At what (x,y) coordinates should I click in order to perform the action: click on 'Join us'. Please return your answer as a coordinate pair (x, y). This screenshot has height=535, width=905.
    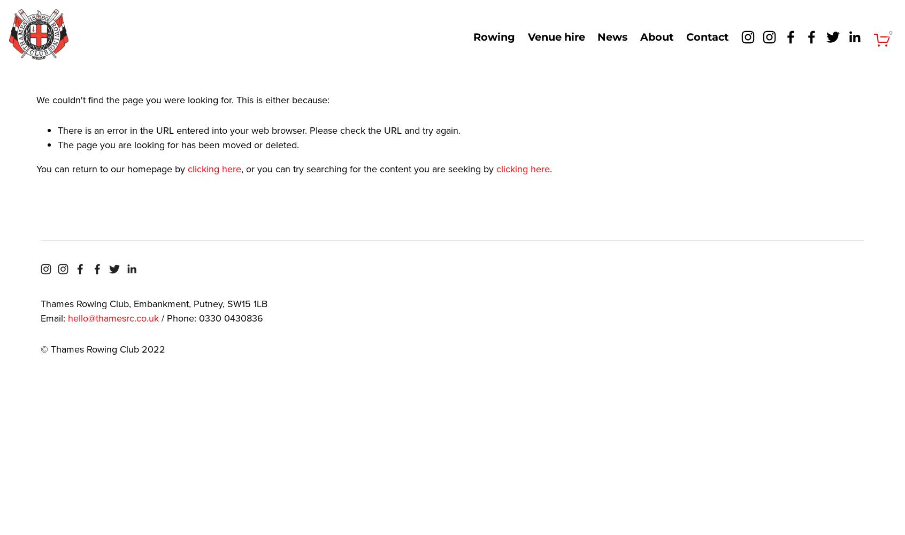
    Looking at the image, I should click on (477, 53).